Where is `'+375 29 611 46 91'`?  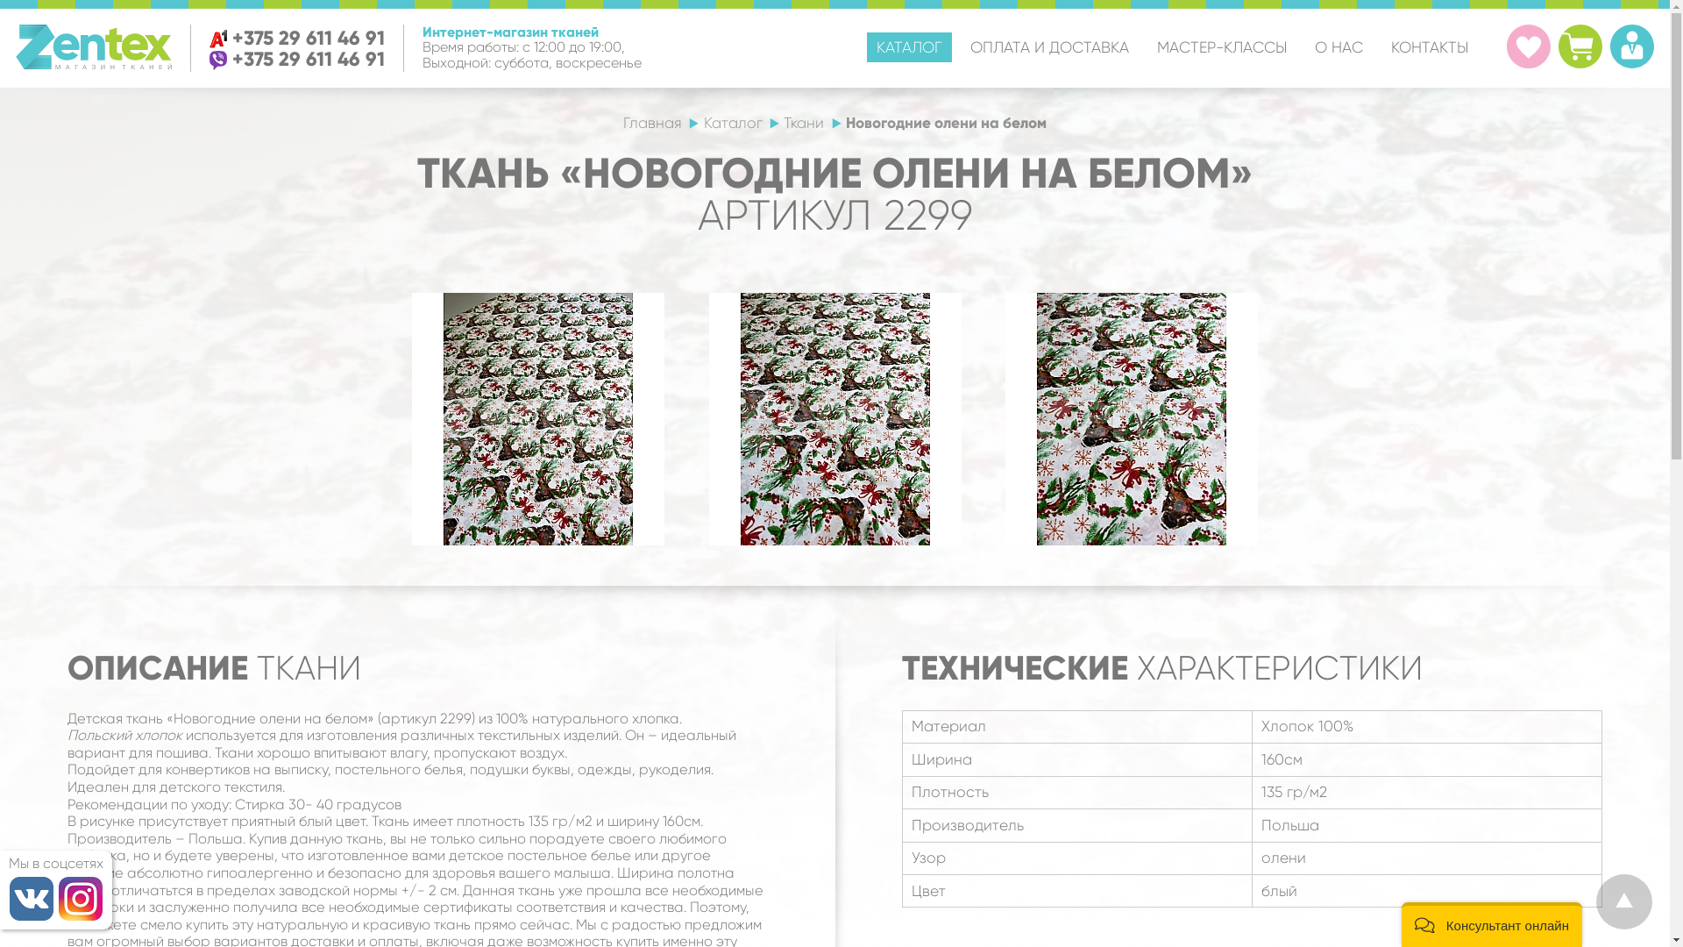
'+375 29 611 46 91' is located at coordinates (308, 38).